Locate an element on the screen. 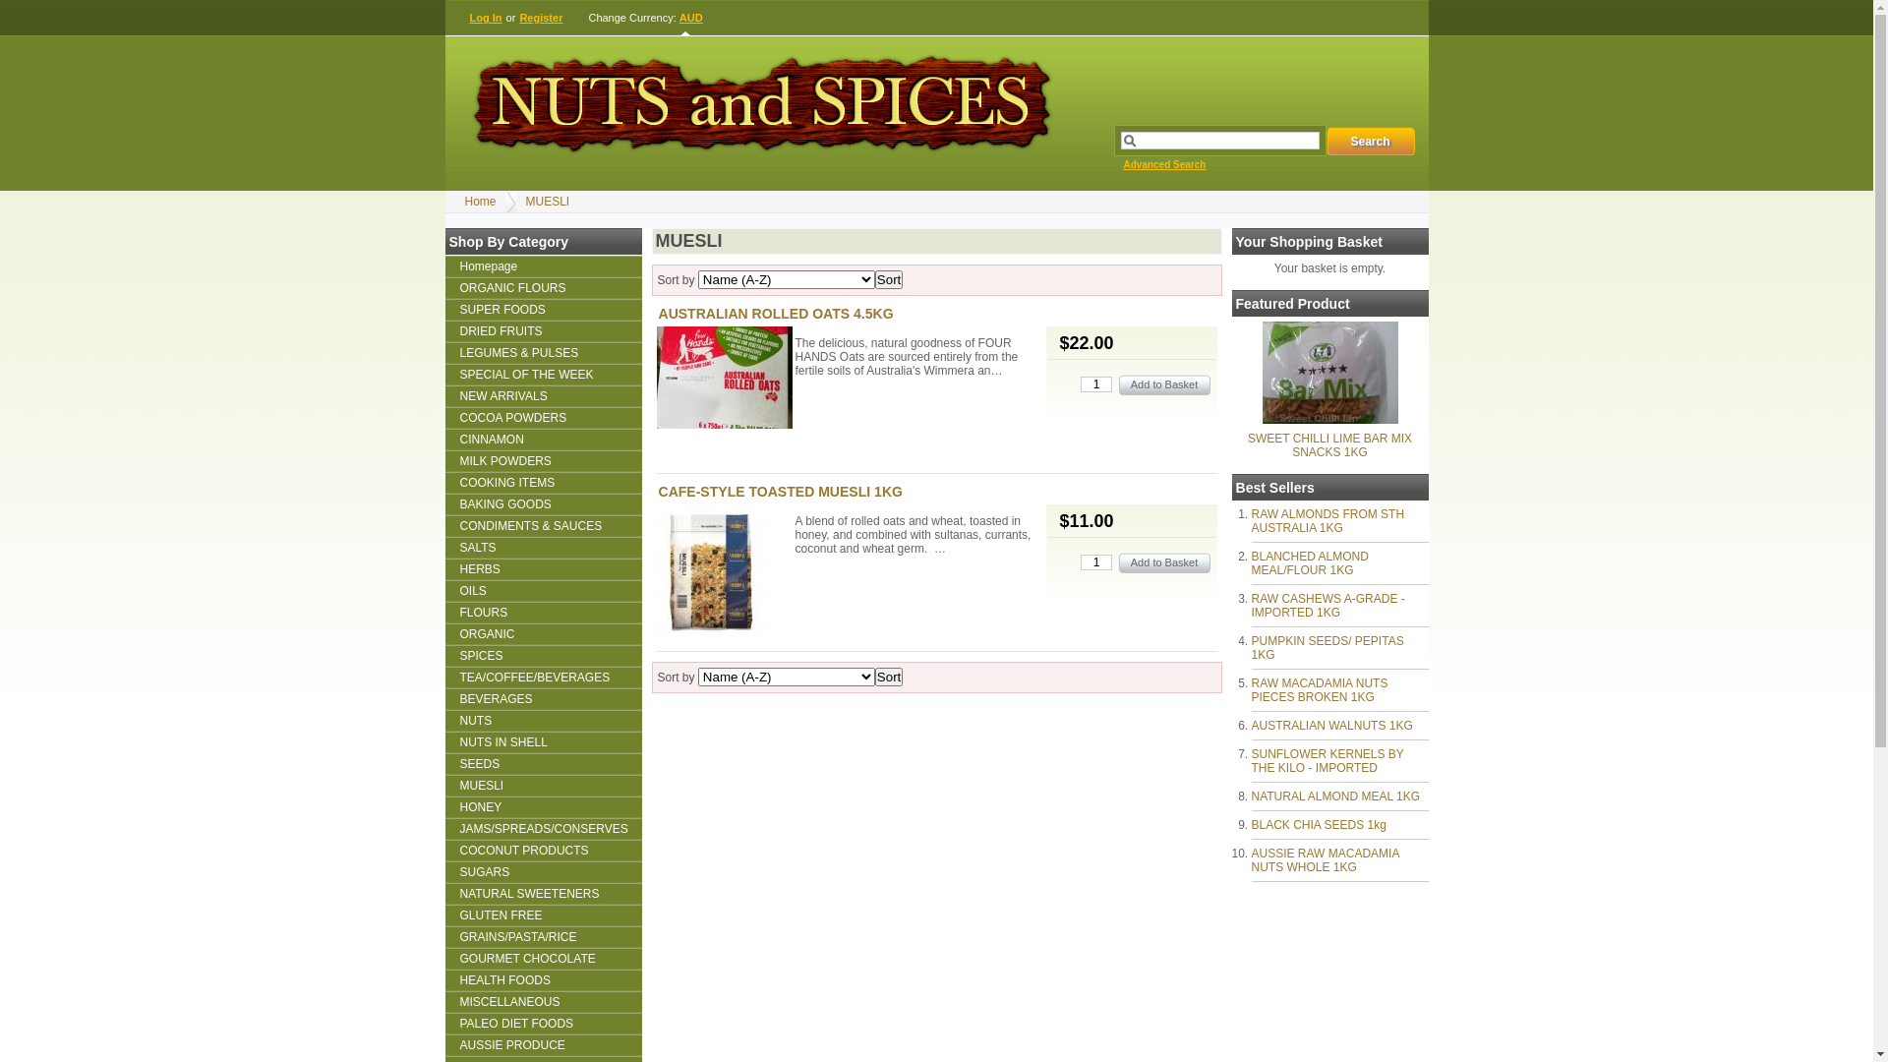 This screenshot has width=1888, height=1062. 'ORGANIC' is located at coordinates (543, 633).